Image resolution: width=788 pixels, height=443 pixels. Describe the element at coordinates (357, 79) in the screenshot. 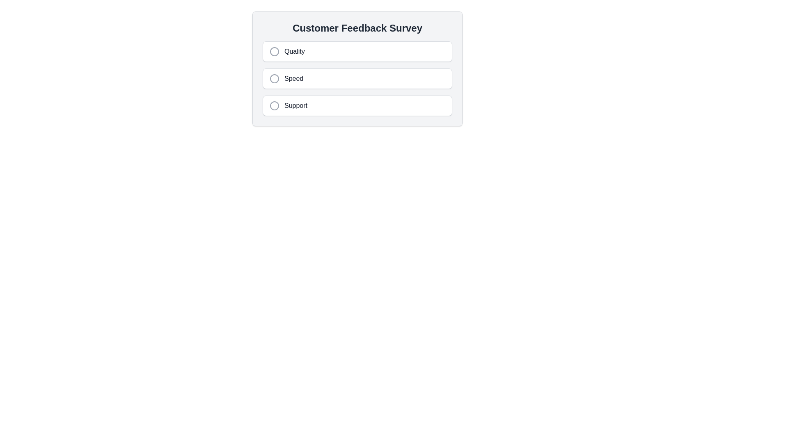

I see `the 'Speed' radio button option in the feedback survey` at that location.